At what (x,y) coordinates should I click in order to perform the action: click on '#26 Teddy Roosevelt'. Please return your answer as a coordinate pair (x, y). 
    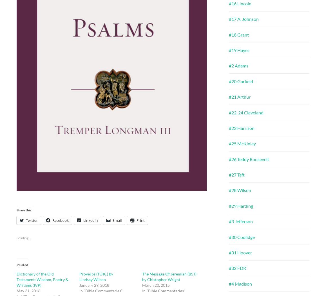
    Looking at the image, I should click on (249, 159).